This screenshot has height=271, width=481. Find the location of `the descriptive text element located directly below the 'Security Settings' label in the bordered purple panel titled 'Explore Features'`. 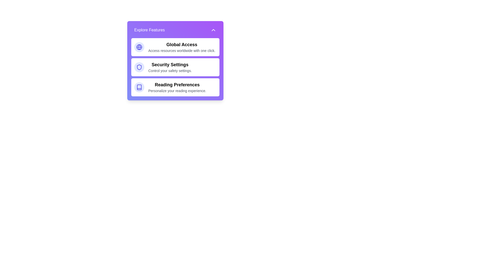

the descriptive text element located directly below the 'Security Settings' label in the bordered purple panel titled 'Explore Features' is located at coordinates (170, 71).